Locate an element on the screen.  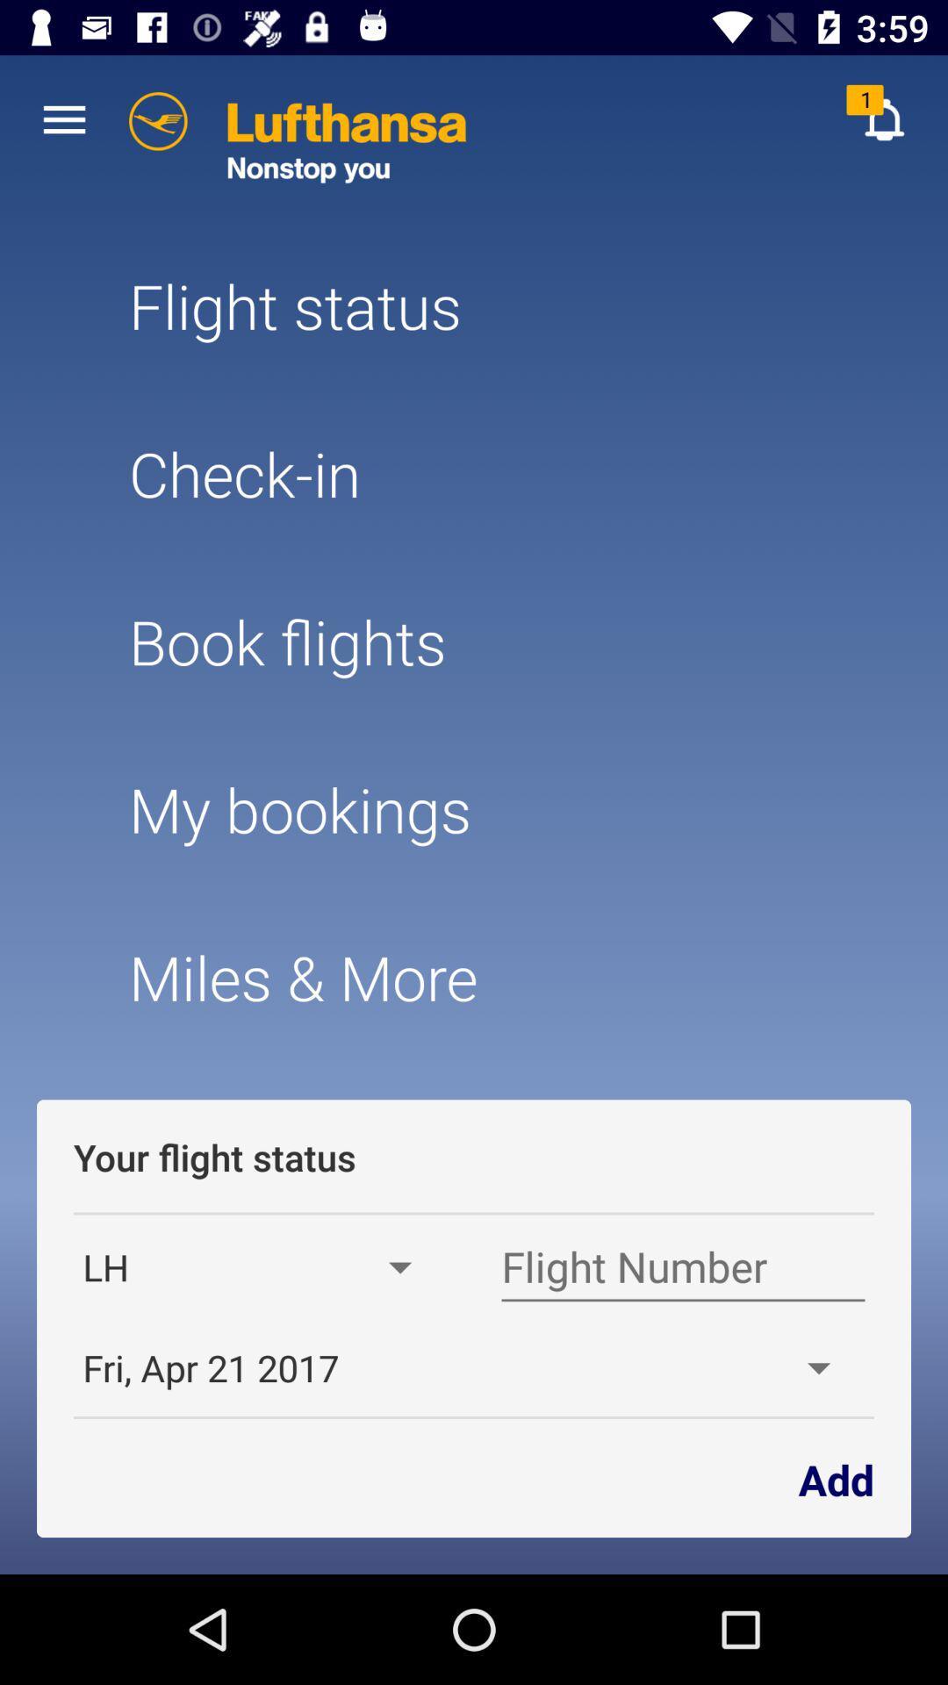
text box for flight number is located at coordinates (682, 1267).